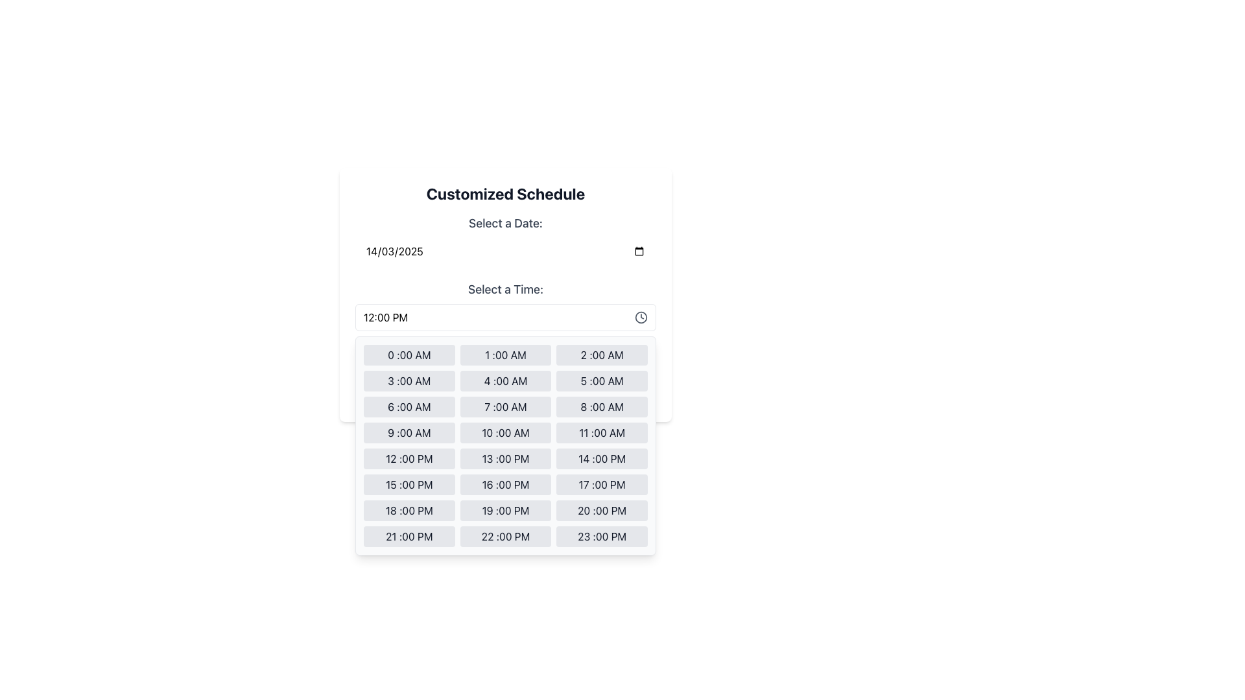 This screenshot has height=700, width=1245. What do you see at coordinates (409, 509) in the screenshot?
I see `the selectable time slot button representing '18:00 PM' located in the bottom portion of a grid layout of 24 buttons` at bounding box center [409, 509].